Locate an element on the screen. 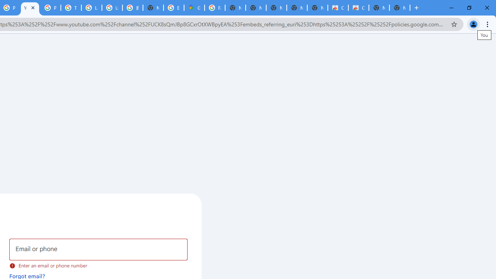  'Classic Blue - Chrome Web Store' is located at coordinates (358, 8).